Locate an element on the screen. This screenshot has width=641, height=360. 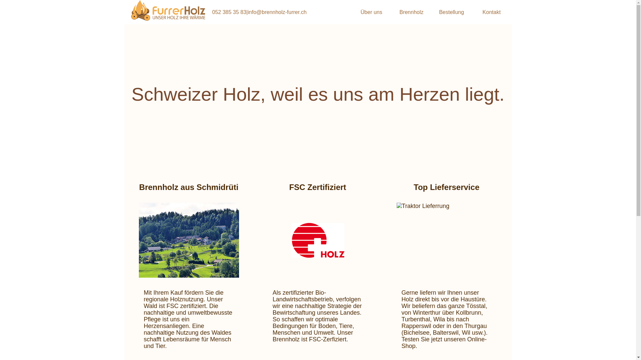
'Kontakt' is located at coordinates (482, 12).